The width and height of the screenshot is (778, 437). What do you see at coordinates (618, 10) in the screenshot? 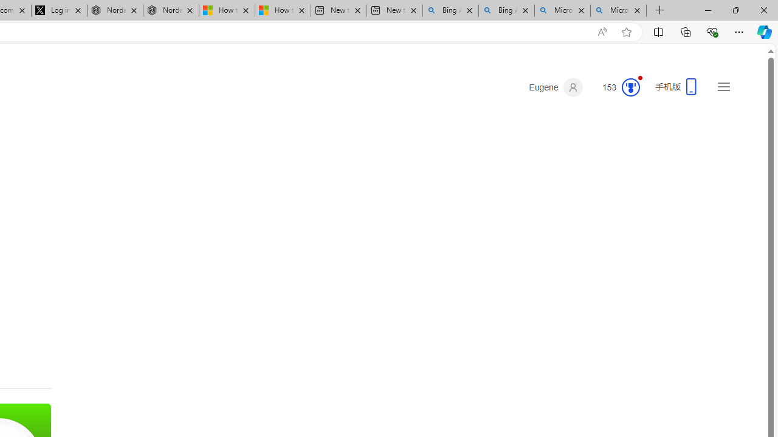
I see `'Microsoft Bing Timeline - Search'` at bounding box center [618, 10].